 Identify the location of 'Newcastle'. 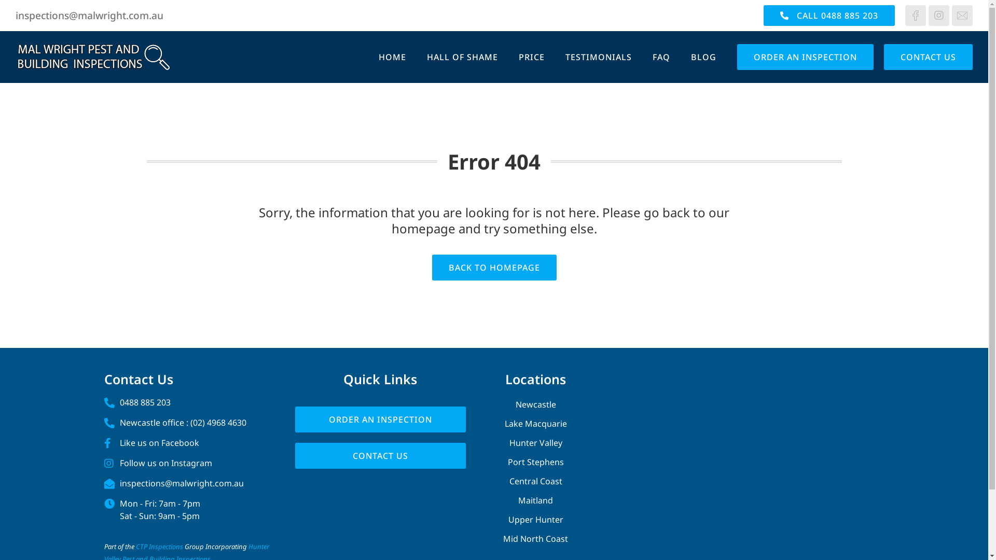
(535, 403).